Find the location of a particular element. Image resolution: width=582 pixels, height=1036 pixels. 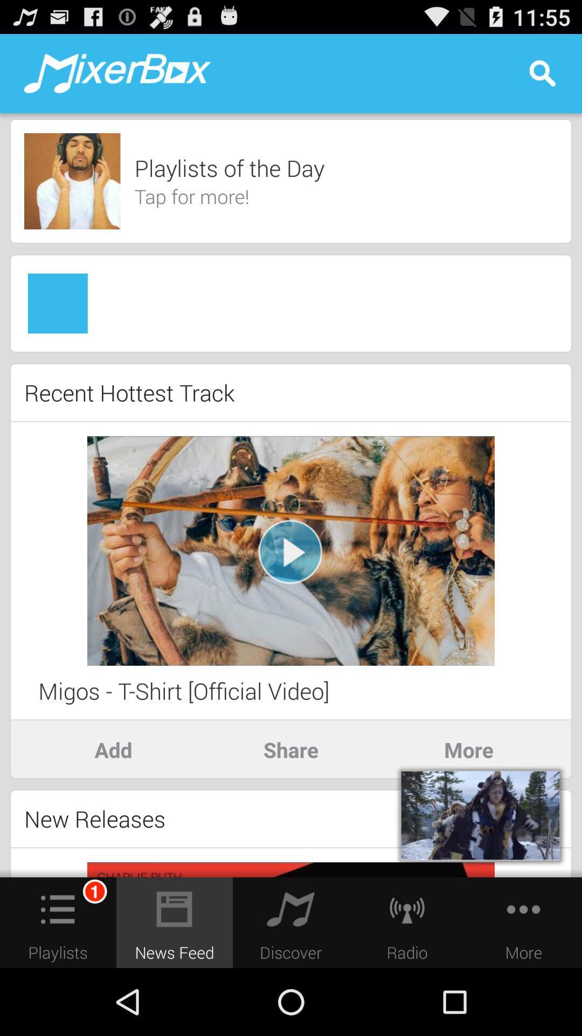

new releases icon is located at coordinates (94, 819).